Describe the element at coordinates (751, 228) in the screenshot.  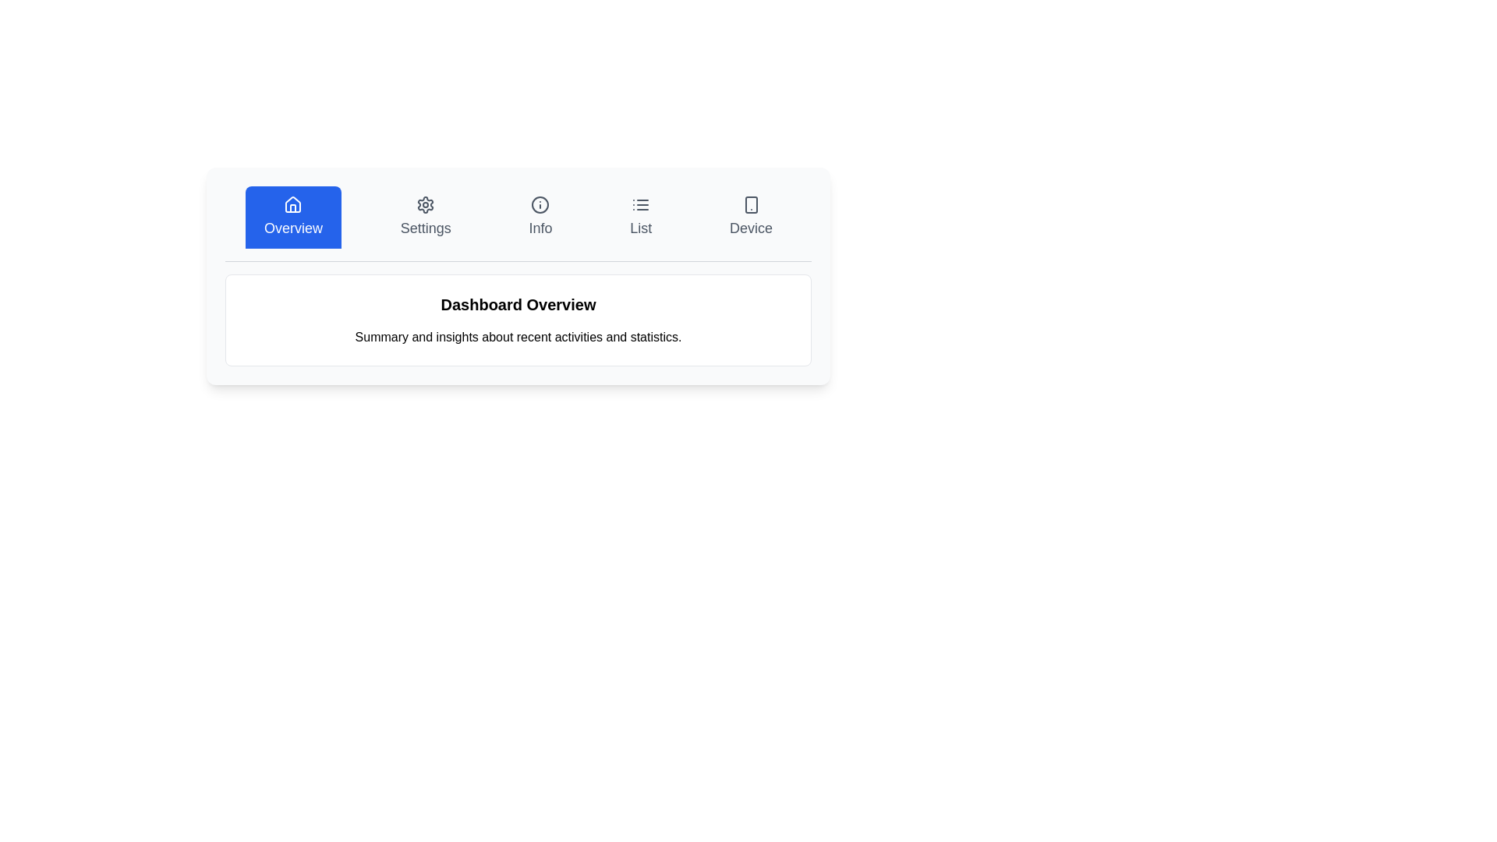
I see `text label displaying 'Device' located centrally below an icon in the fifth position of the navigation bar to understand the purpose of the button` at that location.